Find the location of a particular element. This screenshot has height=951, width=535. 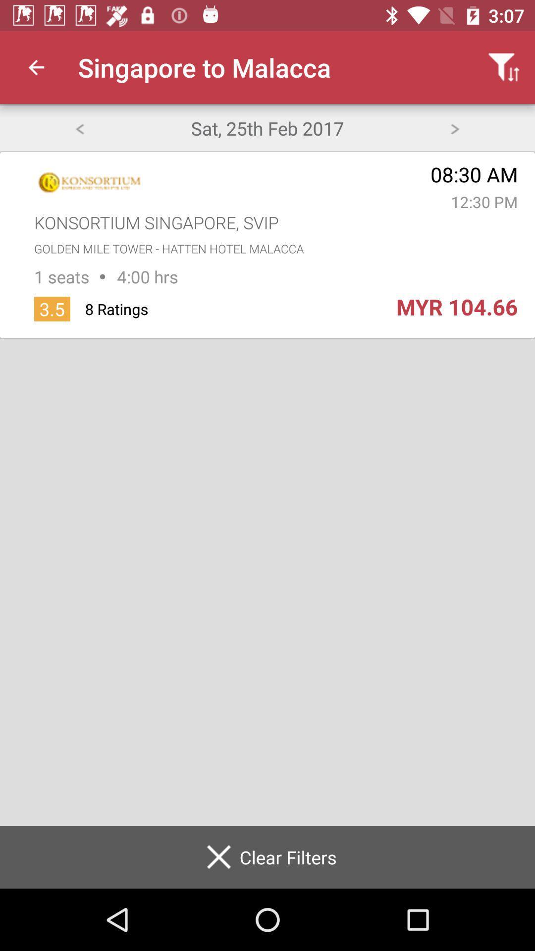

forward one day is located at coordinates (455, 127).